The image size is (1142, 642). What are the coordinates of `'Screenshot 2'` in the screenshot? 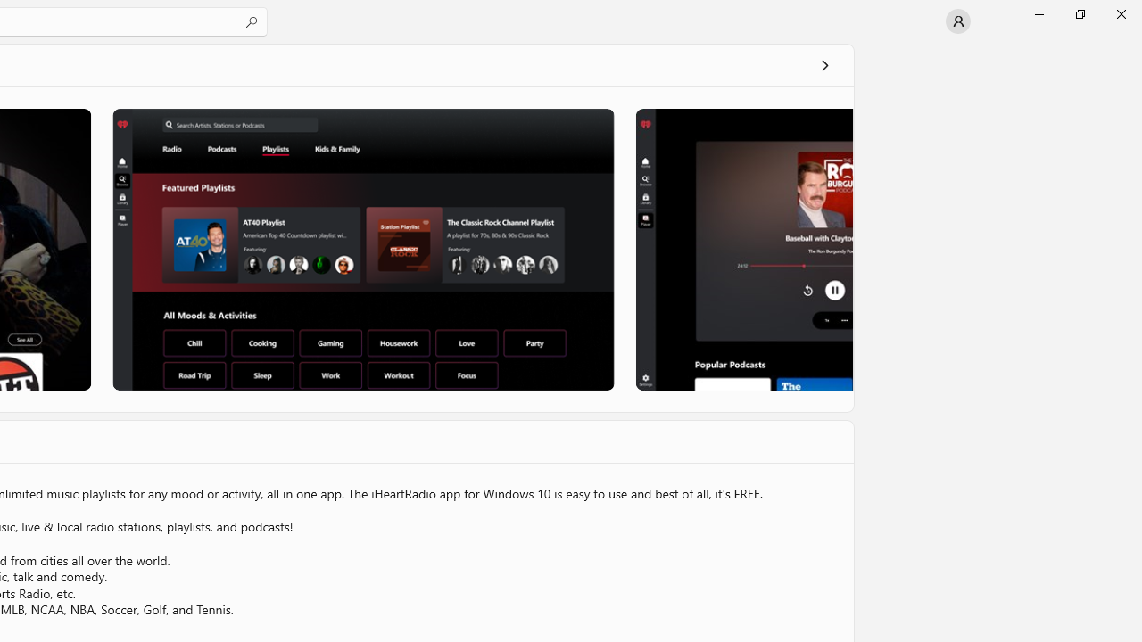 It's located at (362, 249).